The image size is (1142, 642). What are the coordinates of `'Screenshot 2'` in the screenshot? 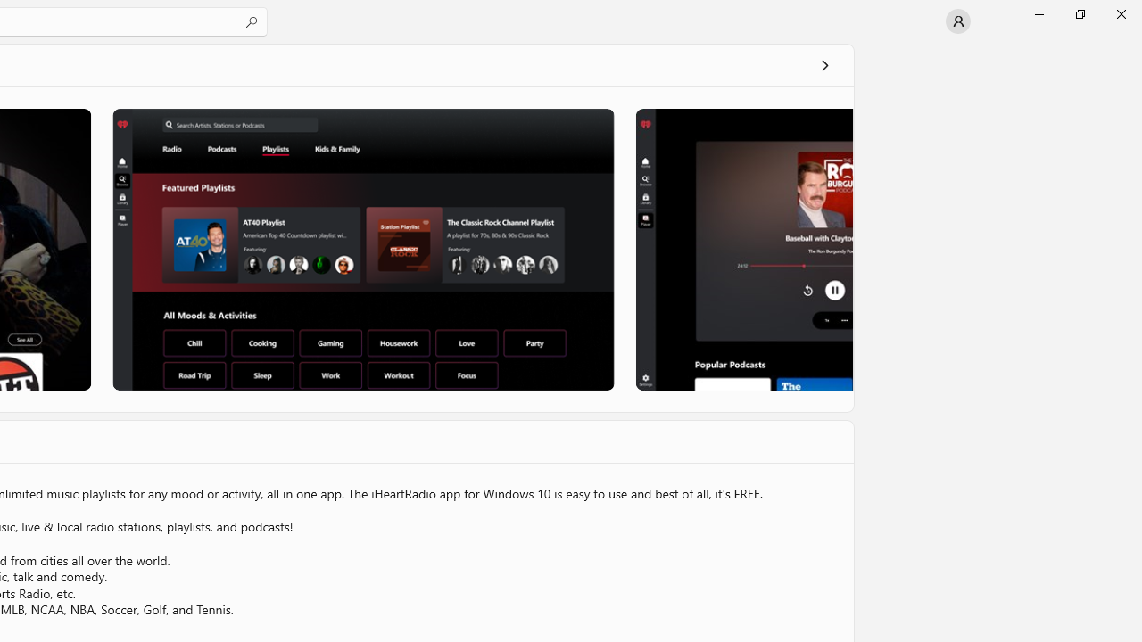 It's located at (362, 249).